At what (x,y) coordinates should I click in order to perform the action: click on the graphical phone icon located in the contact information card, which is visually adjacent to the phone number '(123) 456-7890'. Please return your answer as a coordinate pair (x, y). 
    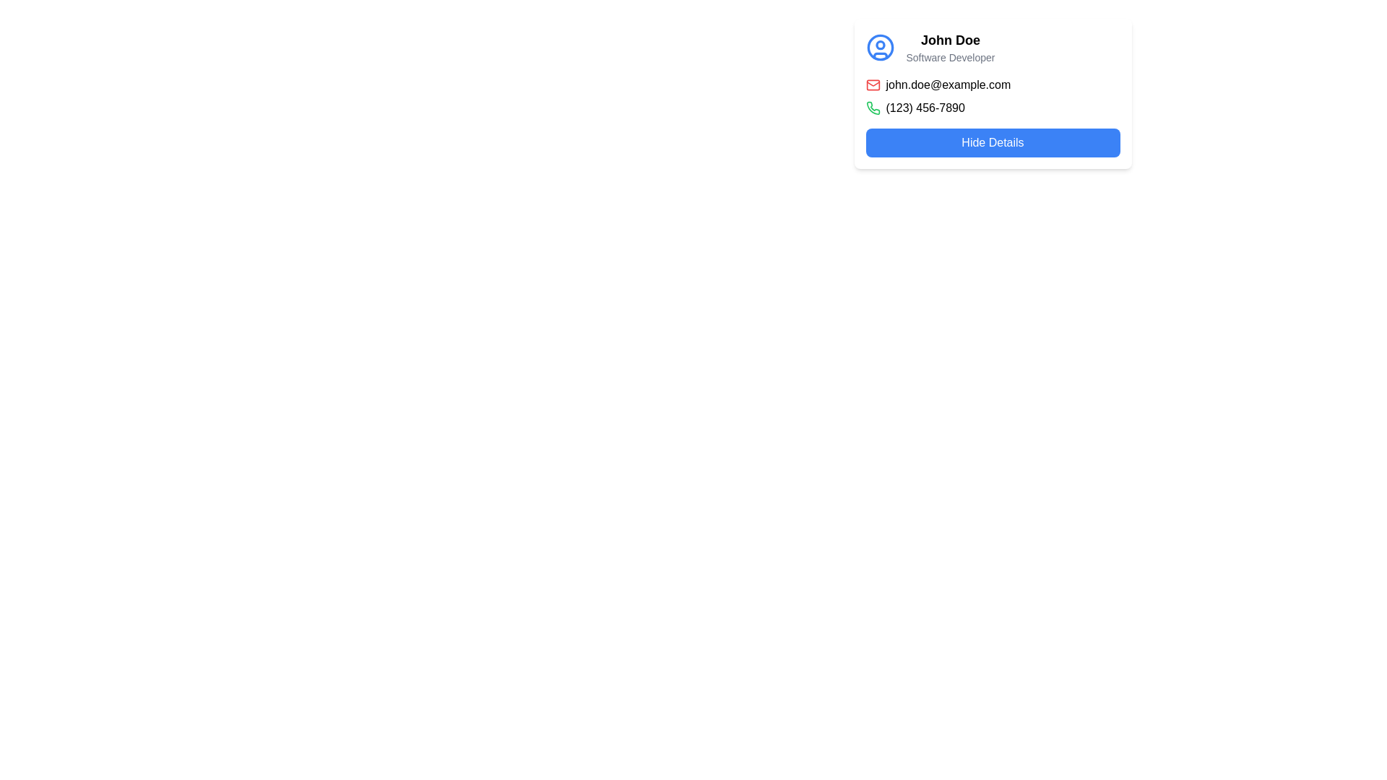
    Looking at the image, I should click on (872, 108).